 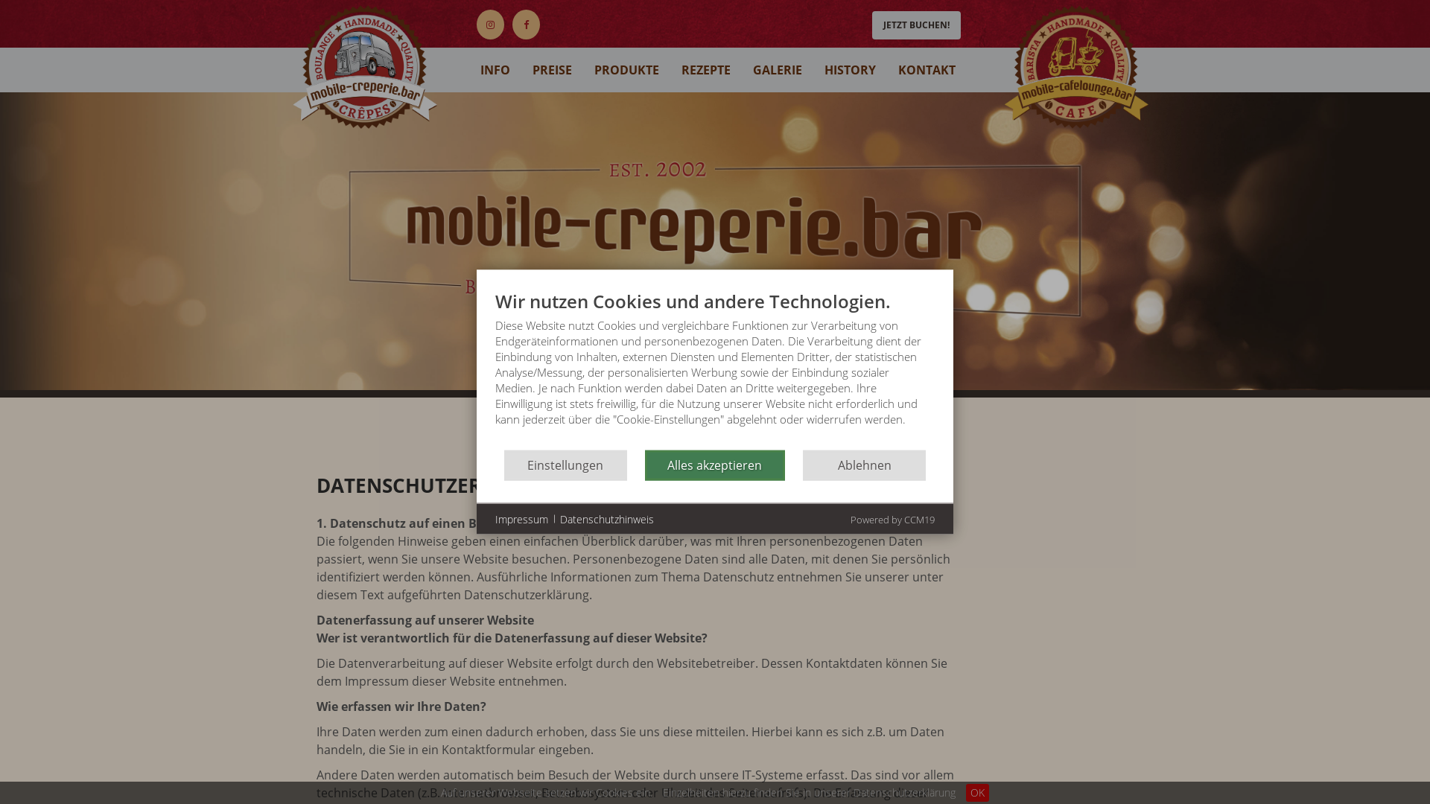 What do you see at coordinates (892, 518) in the screenshot?
I see `'Powered by CCM19'` at bounding box center [892, 518].